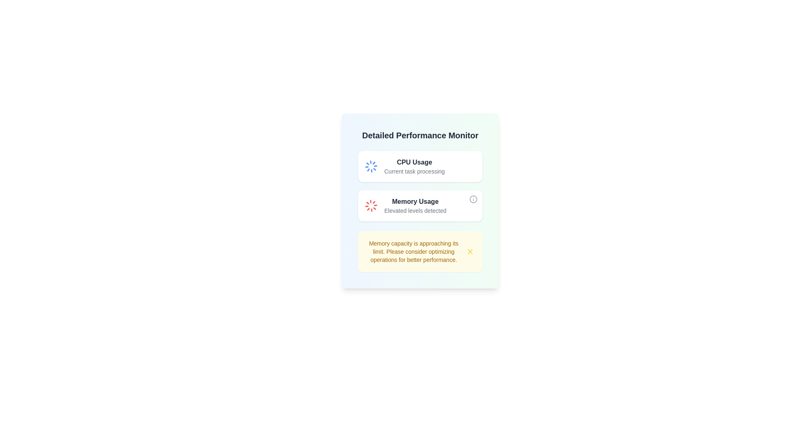 This screenshot has width=785, height=442. I want to click on the Text Label that serves as a header for the memory usage section in the performance monitoring module, located below the 'CPU Usage' section, so click(415, 202).